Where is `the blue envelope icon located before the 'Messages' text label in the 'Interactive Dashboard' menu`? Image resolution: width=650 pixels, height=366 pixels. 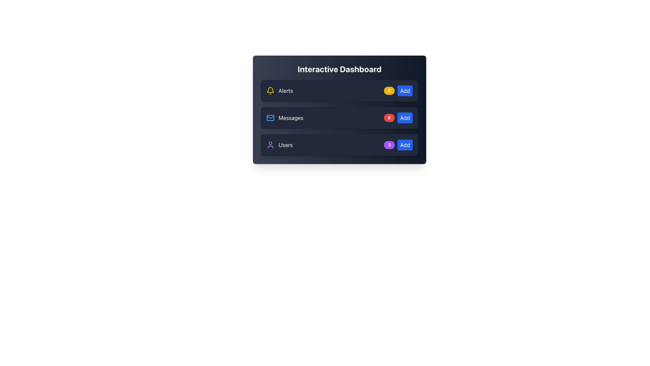
the blue envelope icon located before the 'Messages' text label in the 'Interactive Dashboard' menu is located at coordinates (270, 117).